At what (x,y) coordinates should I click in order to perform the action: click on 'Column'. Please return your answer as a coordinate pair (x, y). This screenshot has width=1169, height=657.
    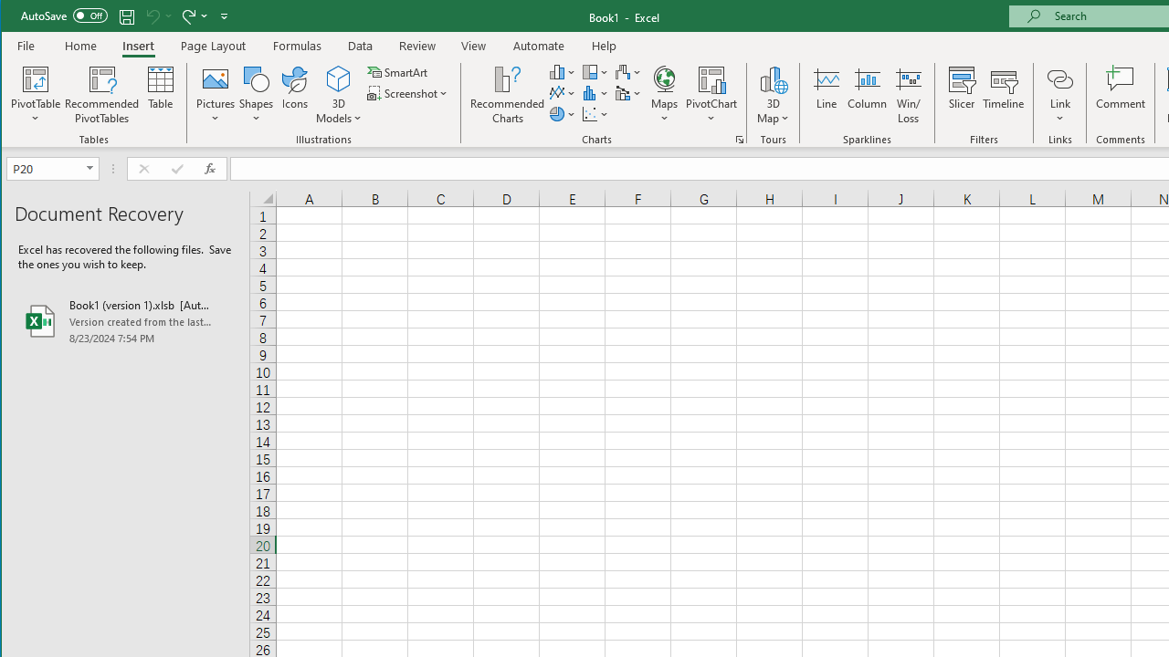
    Looking at the image, I should click on (866, 95).